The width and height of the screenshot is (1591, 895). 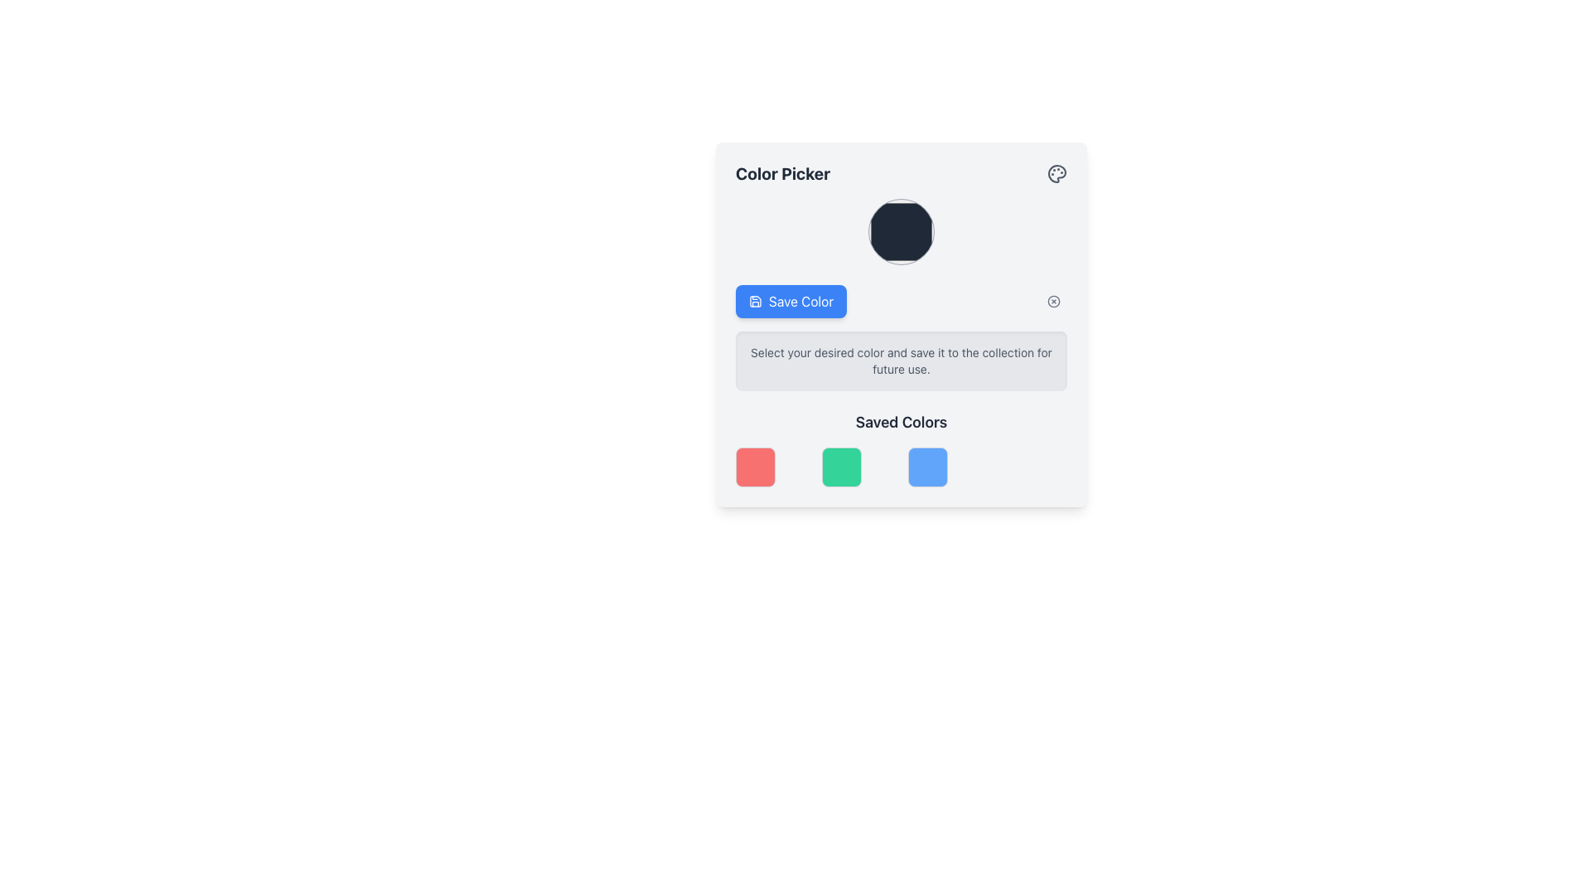 What do you see at coordinates (1053, 301) in the screenshot?
I see `the small circular 'close' button with an X icon located` at bounding box center [1053, 301].